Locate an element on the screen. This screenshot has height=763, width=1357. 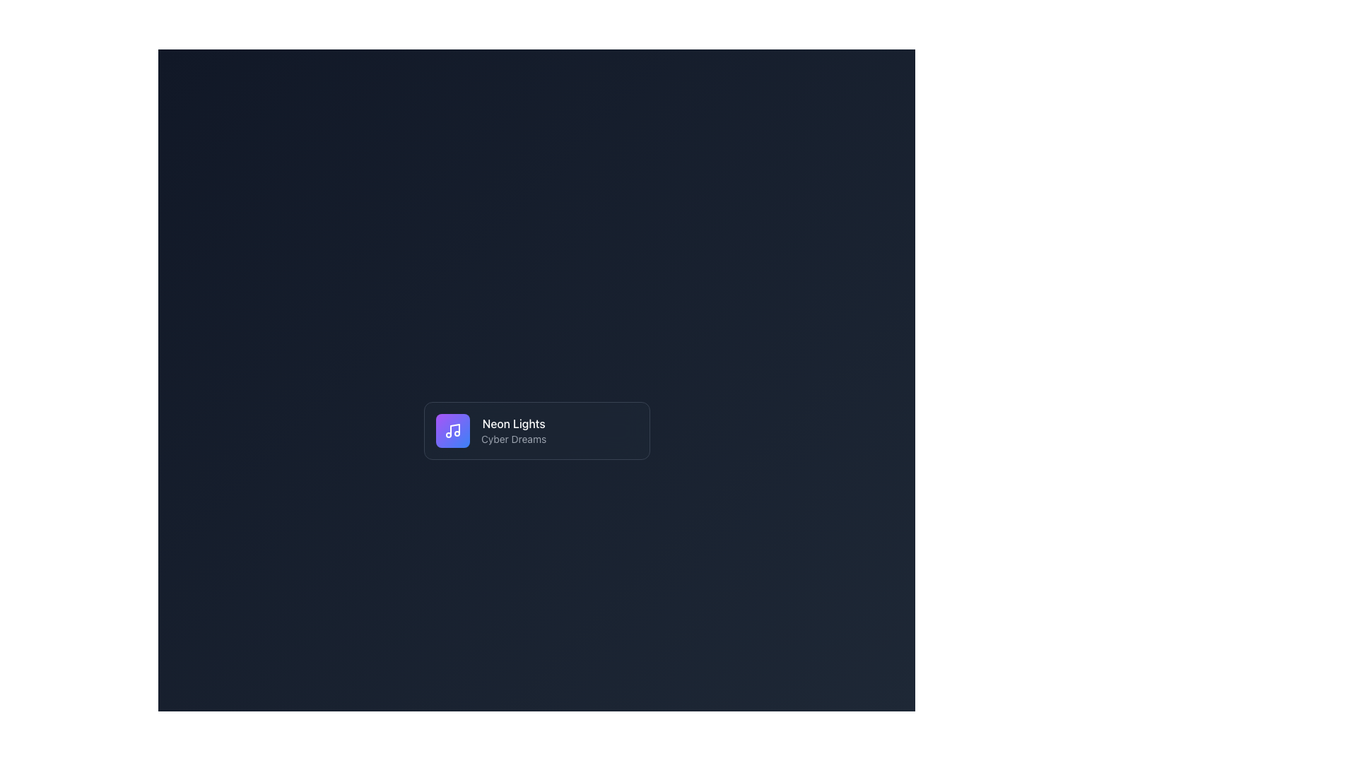
the text label displaying 'Neon Lights' which is styled in white color and positioned above the subtitle 'Cyber Dreams' is located at coordinates (512, 423).